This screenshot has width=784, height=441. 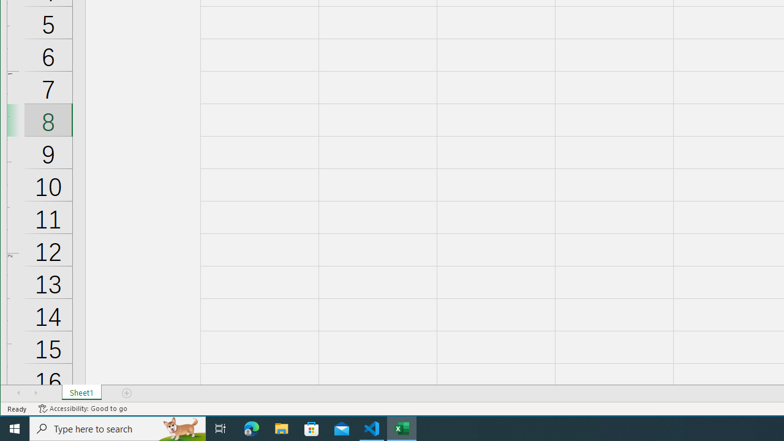 What do you see at coordinates (402, 428) in the screenshot?
I see `'Excel - 1 running window'` at bounding box center [402, 428].